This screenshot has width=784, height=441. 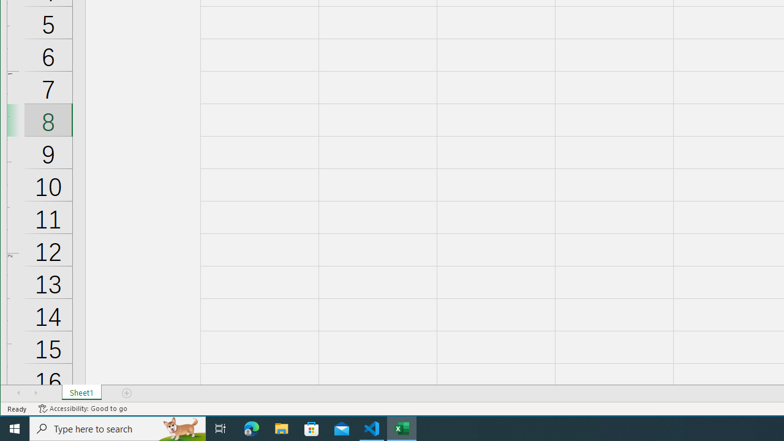 What do you see at coordinates (402, 428) in the screenshot?
I see `'Excel - 1 running window'` at bounding box center [402, 428].